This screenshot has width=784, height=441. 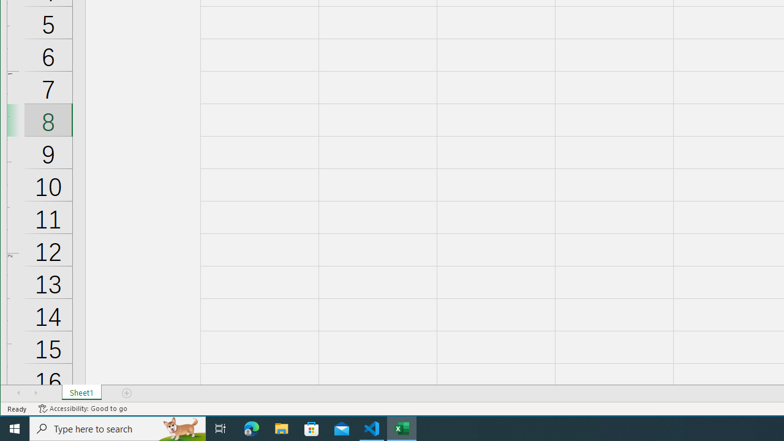 What do you see at coordinates (402, 428) in the screenshot?
I see `'Excel - 1 running window'` at bounding box center [402, 428].